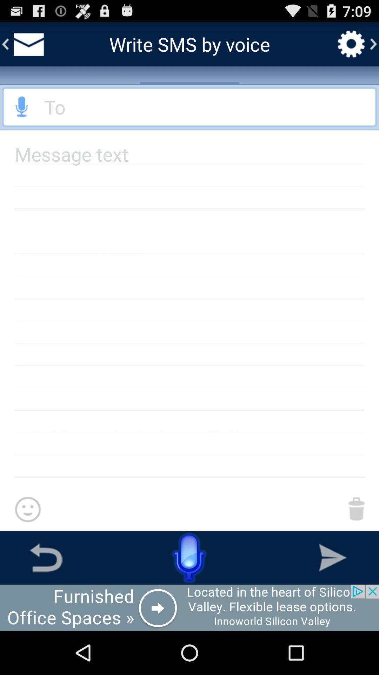 The width and height of the screenshot is (379, 675). I want to click on the email icon, so click(27, 47).